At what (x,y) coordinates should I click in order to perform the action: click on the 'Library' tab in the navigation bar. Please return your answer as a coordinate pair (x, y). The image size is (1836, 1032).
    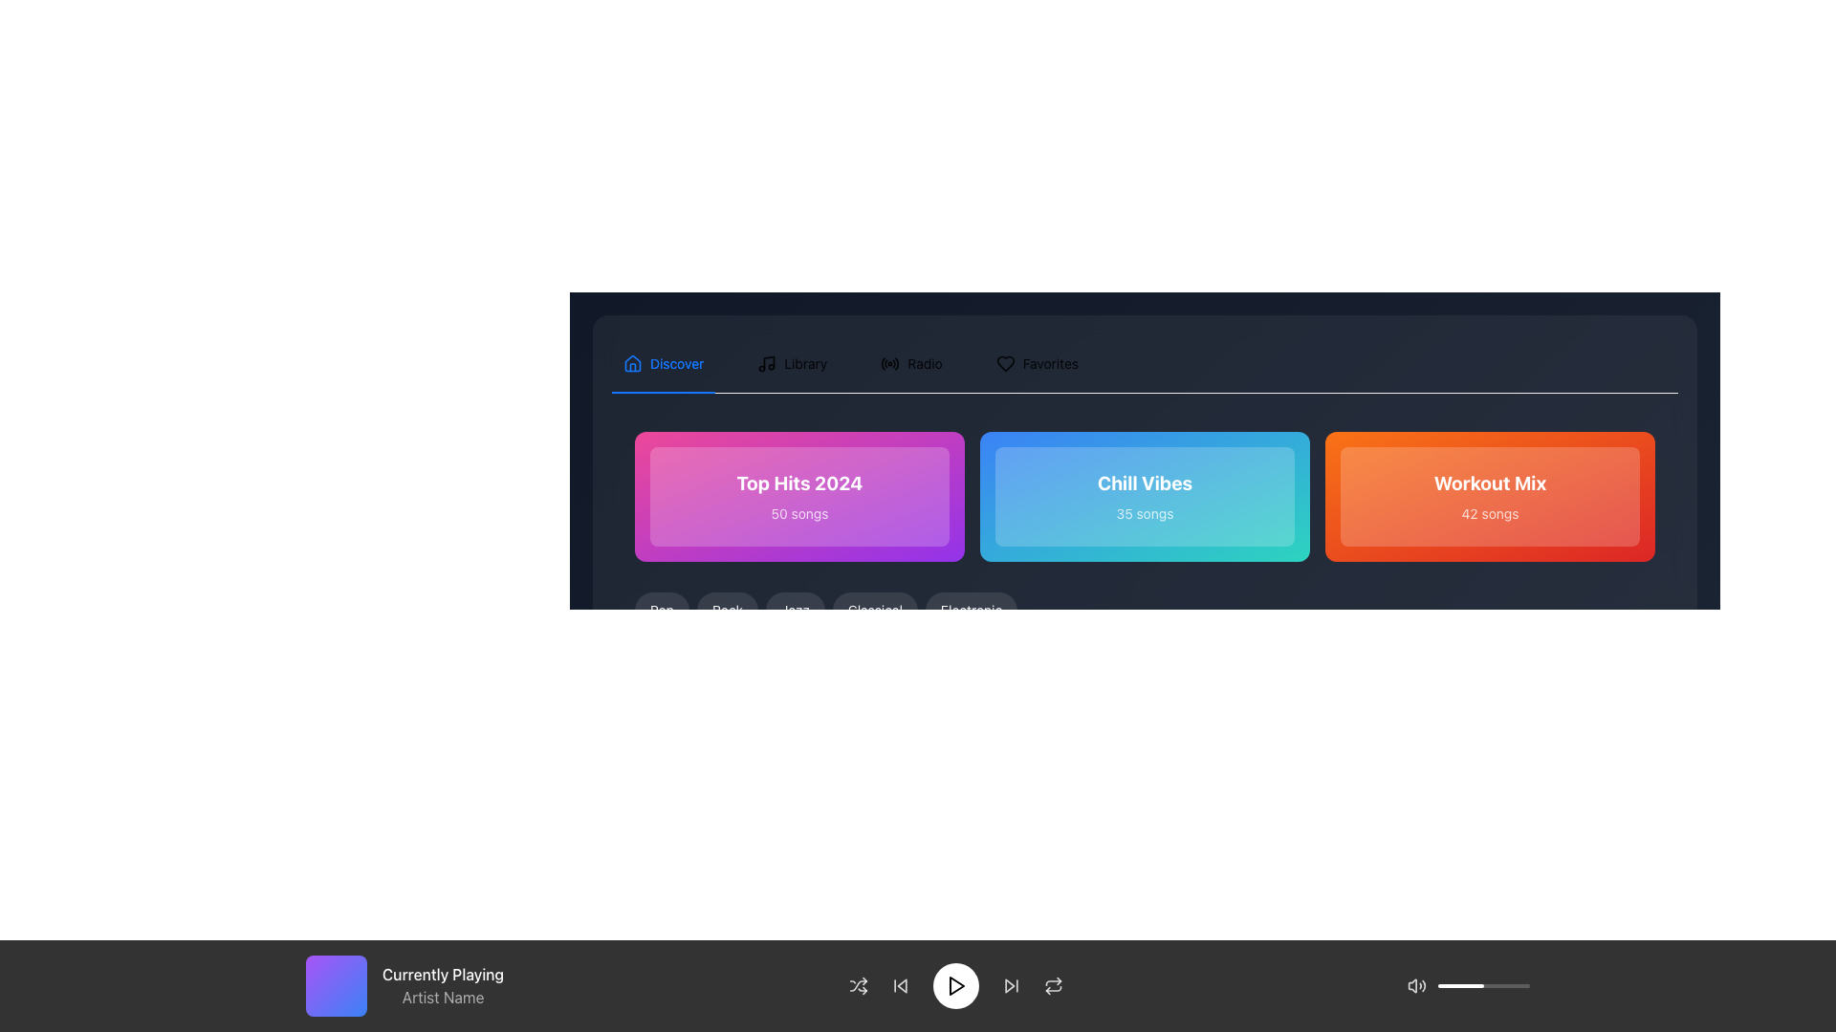
    Looking at the image, I should click on (792, 364).